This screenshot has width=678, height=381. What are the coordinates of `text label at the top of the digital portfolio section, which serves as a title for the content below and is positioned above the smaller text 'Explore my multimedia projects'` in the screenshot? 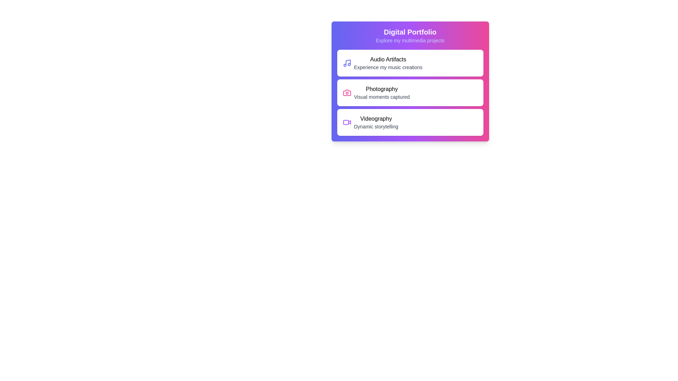 It's located at (410, 32).